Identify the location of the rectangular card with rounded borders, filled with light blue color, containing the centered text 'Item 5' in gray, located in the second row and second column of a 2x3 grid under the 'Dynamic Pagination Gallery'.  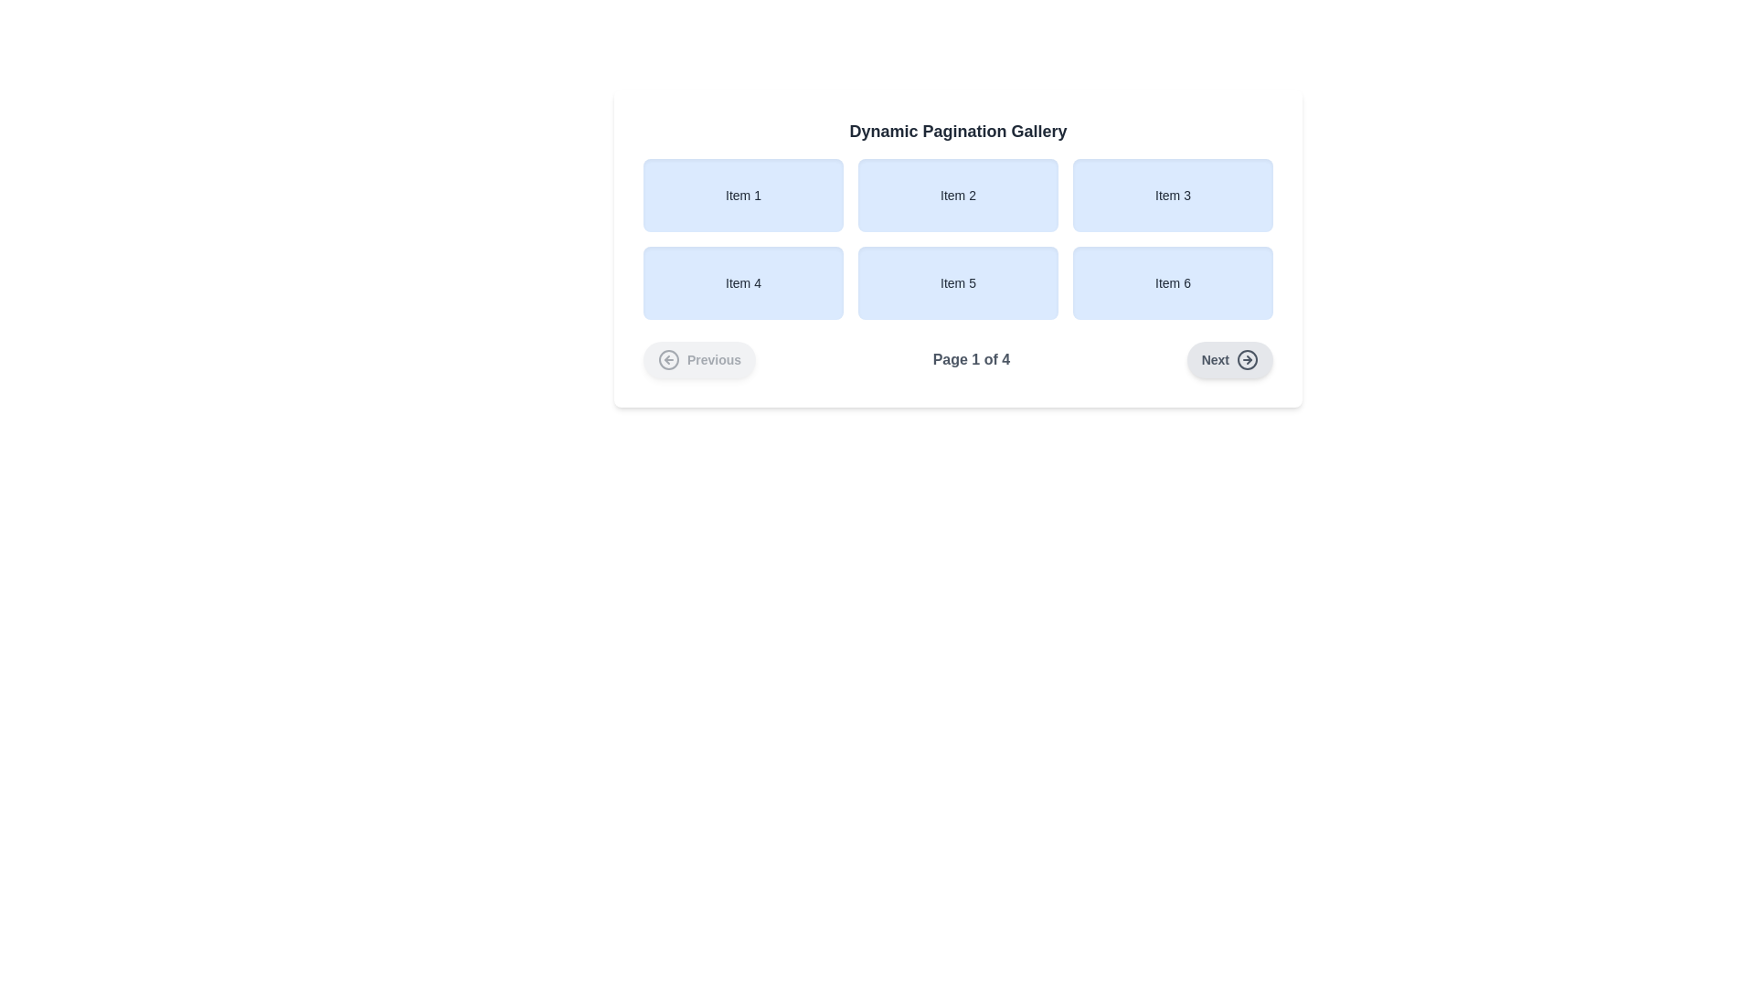
(957, 249).